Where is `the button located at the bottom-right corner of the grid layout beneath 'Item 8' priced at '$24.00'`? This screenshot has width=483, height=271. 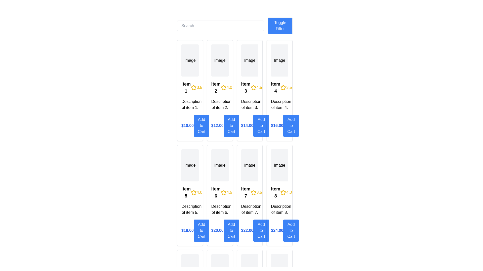
the button located at the bottom-right corner of the grid layout beneath 'Item 8' priced at '$24.00' is located at coordinates (291, 230).